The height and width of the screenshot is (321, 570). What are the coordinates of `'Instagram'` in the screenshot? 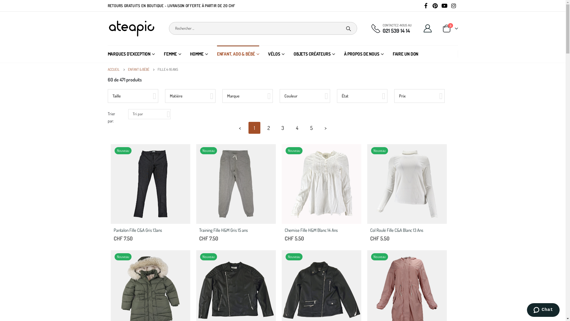 It's located at (450, 6).